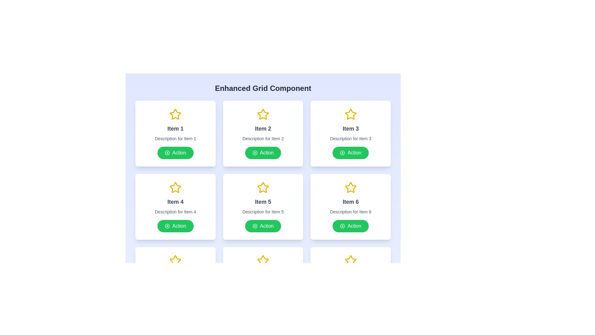 The image size is (595, 335). Describe the element at coordinates (167, 226) in the screenshot. I see `the addition icon inside the 'Action' button of the fourth item card located in the second row and first column of the grid` at that location.